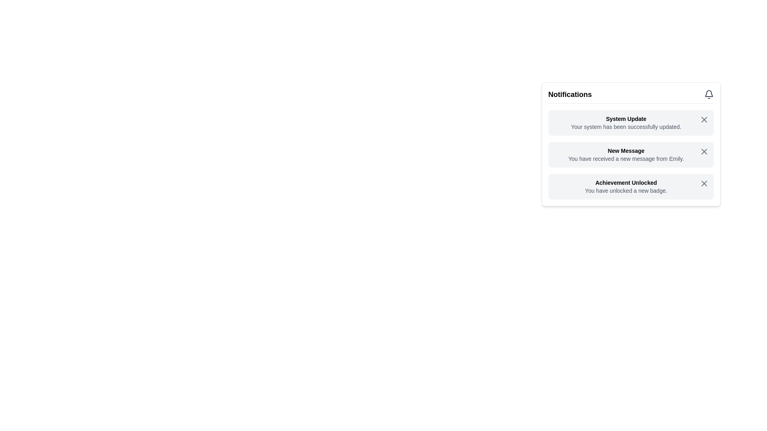 This screenshot has width=767, height=431. I want to click on the notification item that informs the user about a new message from 'Emily', which is the second item in the notification panel, so click(630, 155).